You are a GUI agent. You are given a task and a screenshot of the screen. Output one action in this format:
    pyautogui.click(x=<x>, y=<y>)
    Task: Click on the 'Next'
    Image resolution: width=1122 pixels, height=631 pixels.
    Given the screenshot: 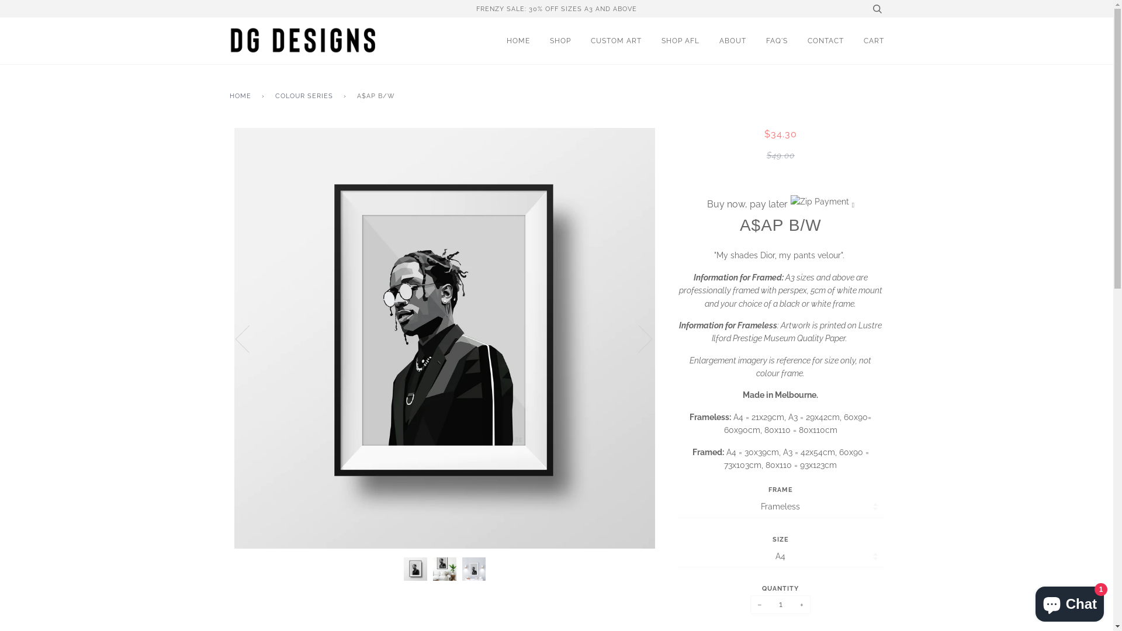 What is the action you would take?
    pyautogui.click(x=638, y=338)
    